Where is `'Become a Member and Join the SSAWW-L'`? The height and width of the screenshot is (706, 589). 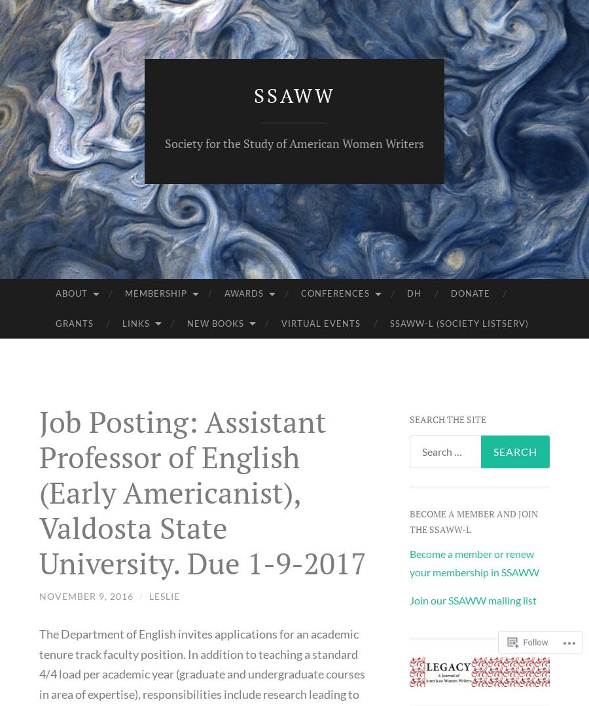 'Become a Member and Join the SSAWW-L' is located at coordinates (472, 520).